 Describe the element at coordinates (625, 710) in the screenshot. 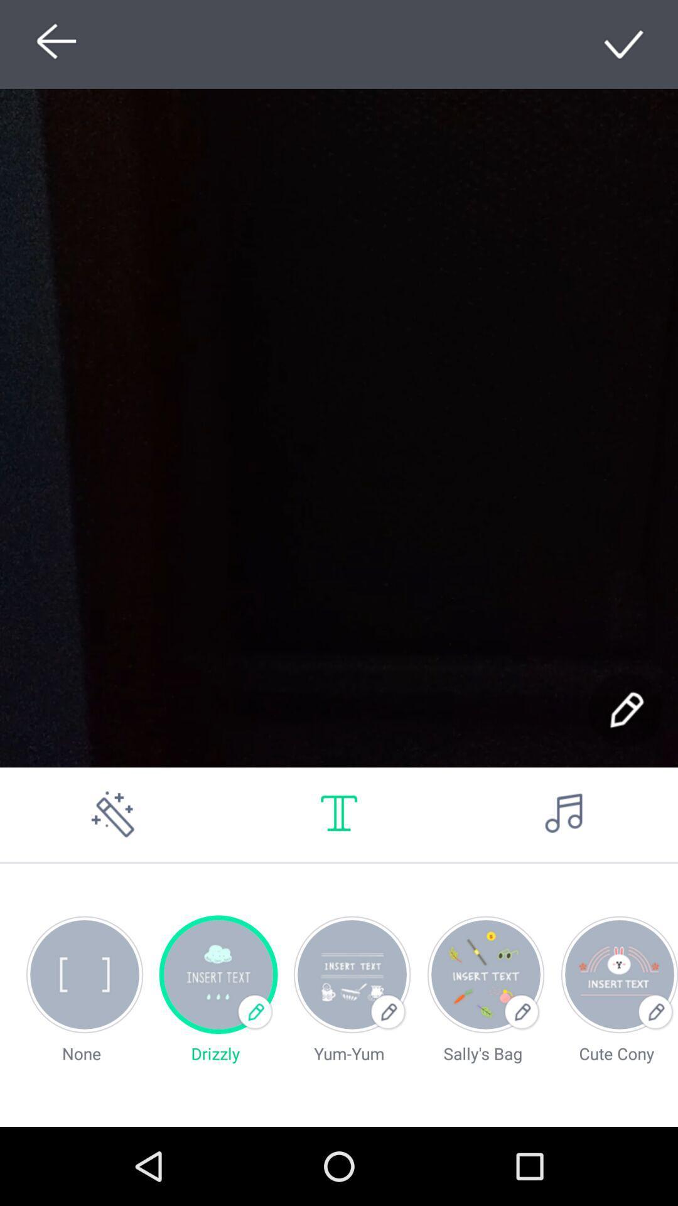

I see `writing option` at that location.